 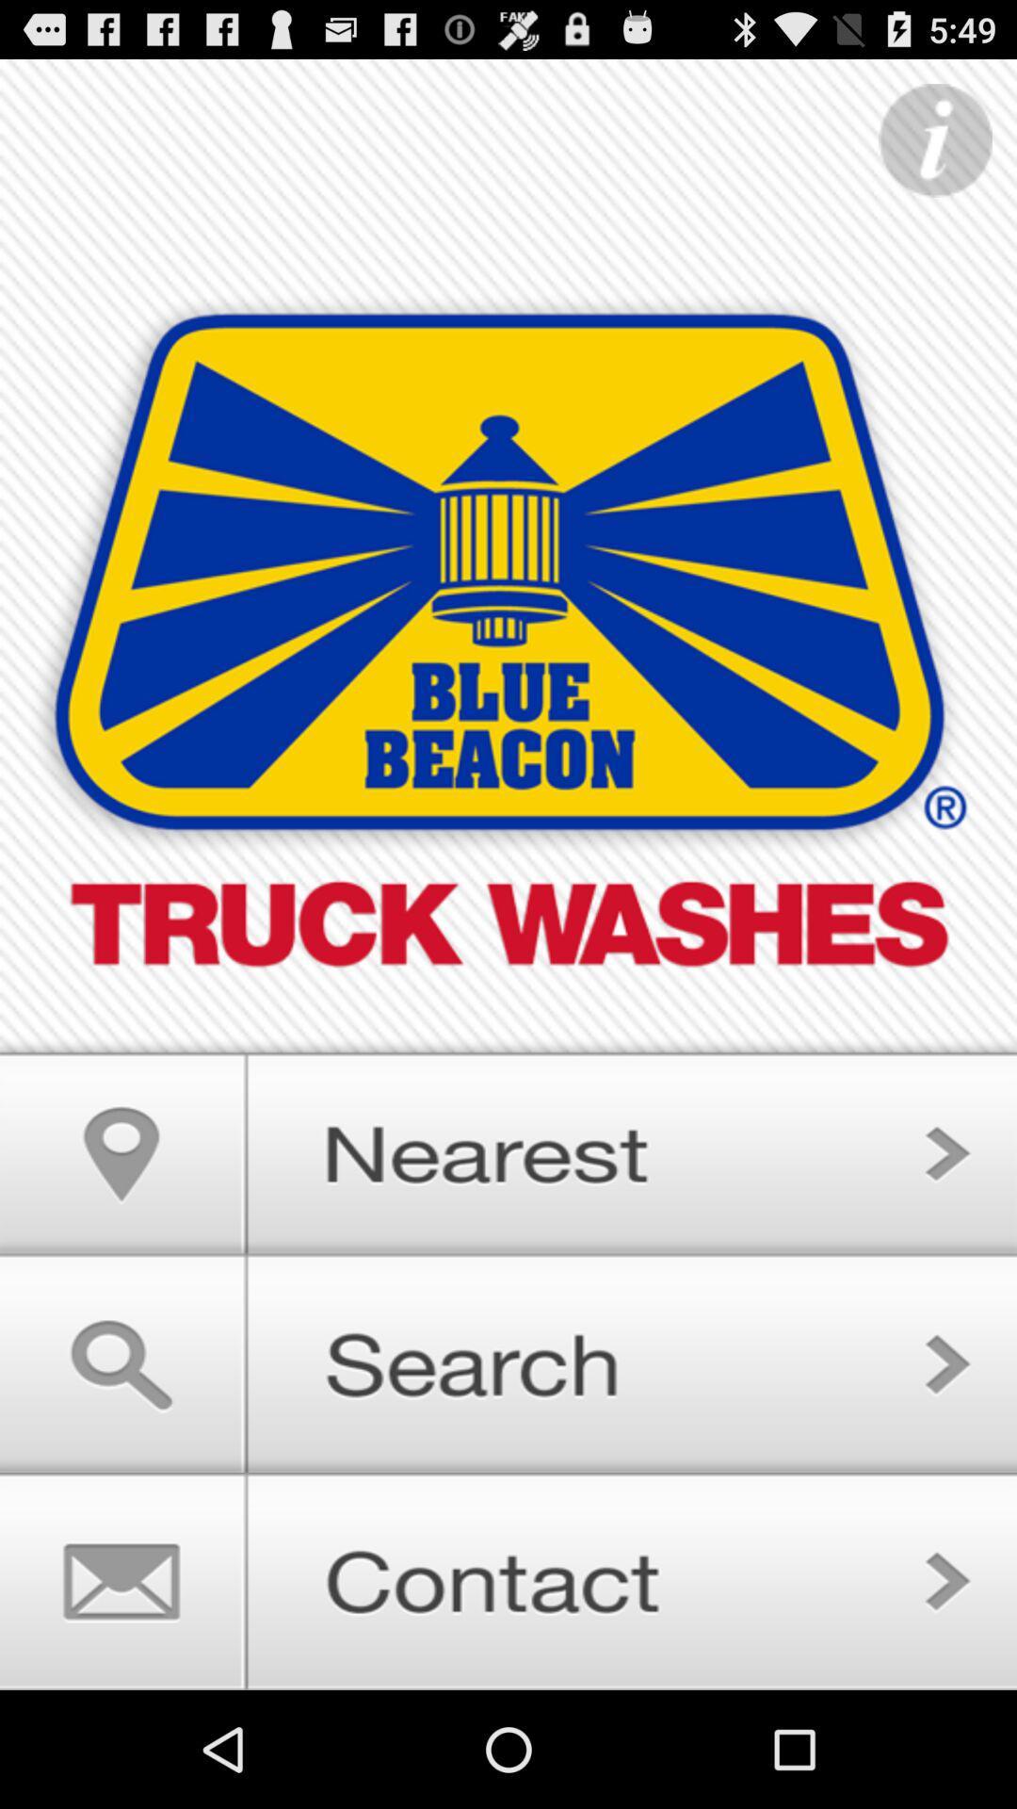 What do you see at coordinates (508, 1581) in the screenshot?
I see `contact` at bounding box center [508, 1581].